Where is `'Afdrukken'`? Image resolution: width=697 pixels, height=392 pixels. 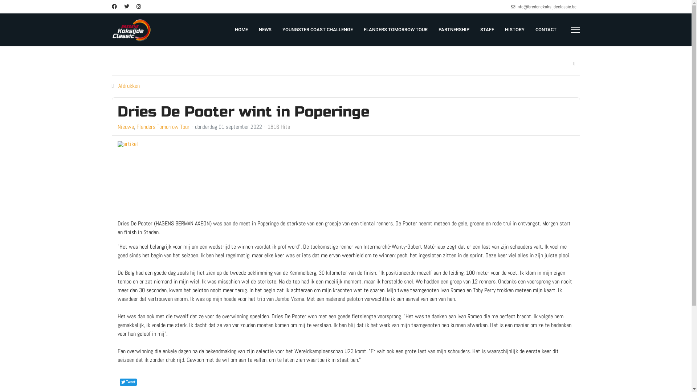
'Afdrukken' is located at coordinates (118, 85).